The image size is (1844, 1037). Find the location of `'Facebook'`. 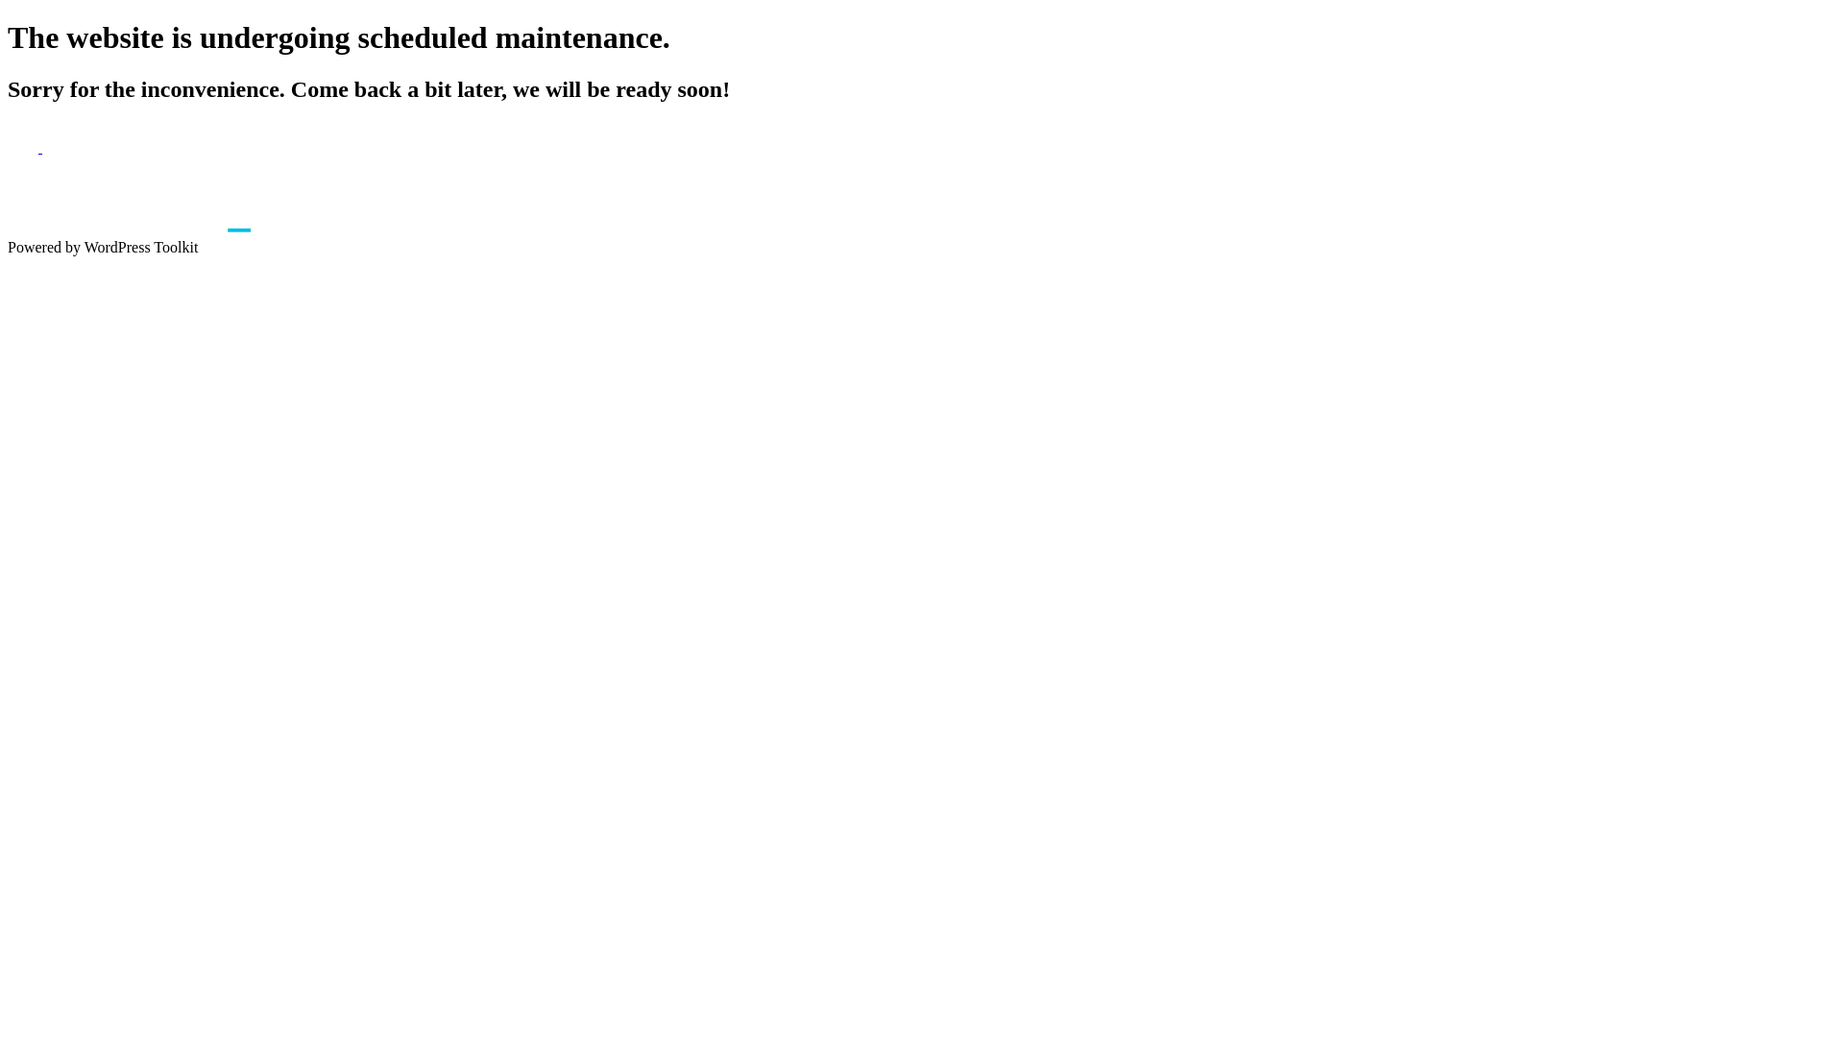

'Facebook' is located at coordinates (8, 146).